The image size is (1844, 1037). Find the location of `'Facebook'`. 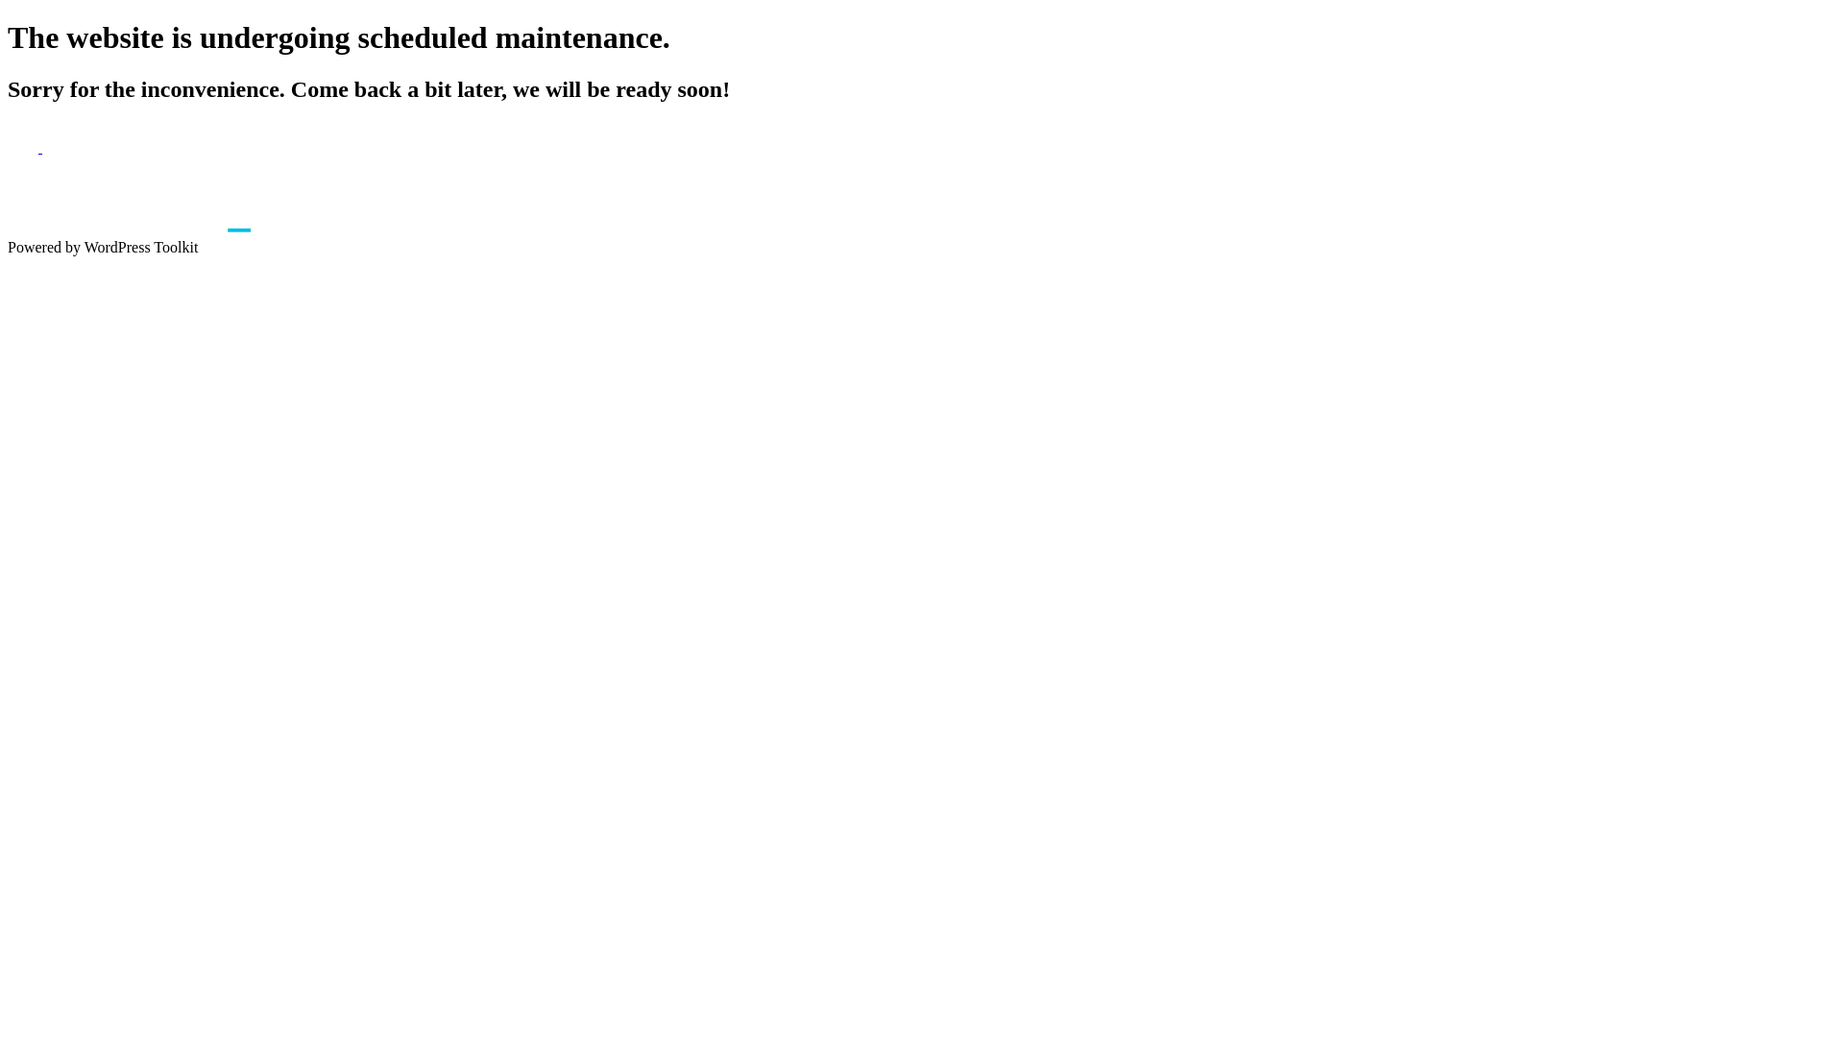

'Facebook' is located at coordinates (8, 146).